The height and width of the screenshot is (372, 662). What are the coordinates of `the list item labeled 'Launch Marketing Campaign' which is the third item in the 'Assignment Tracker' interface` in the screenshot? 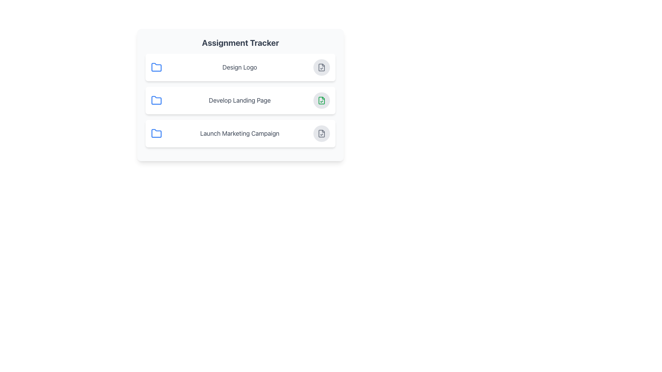 It's located at (240, 134).